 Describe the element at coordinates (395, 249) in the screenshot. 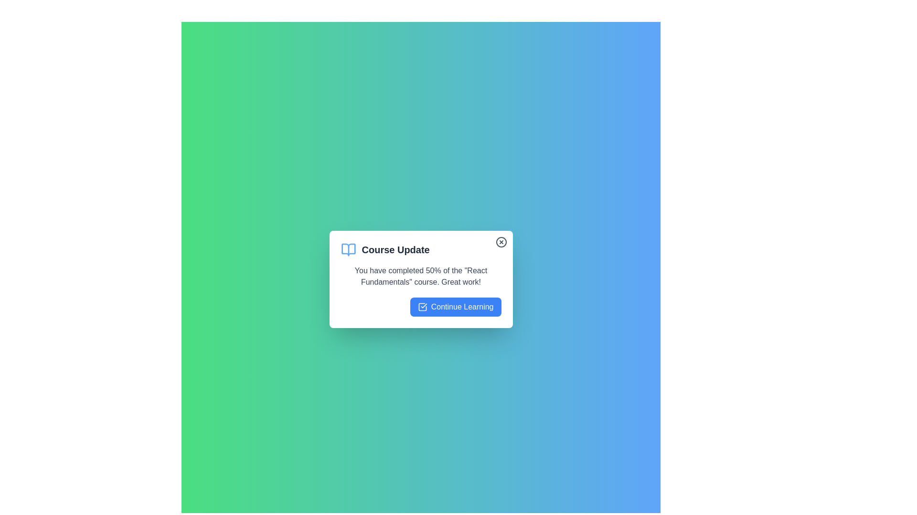

I see `the text label displaying 'Course Update' with bold and large font, located on the top-left side of a modal window` at that location.